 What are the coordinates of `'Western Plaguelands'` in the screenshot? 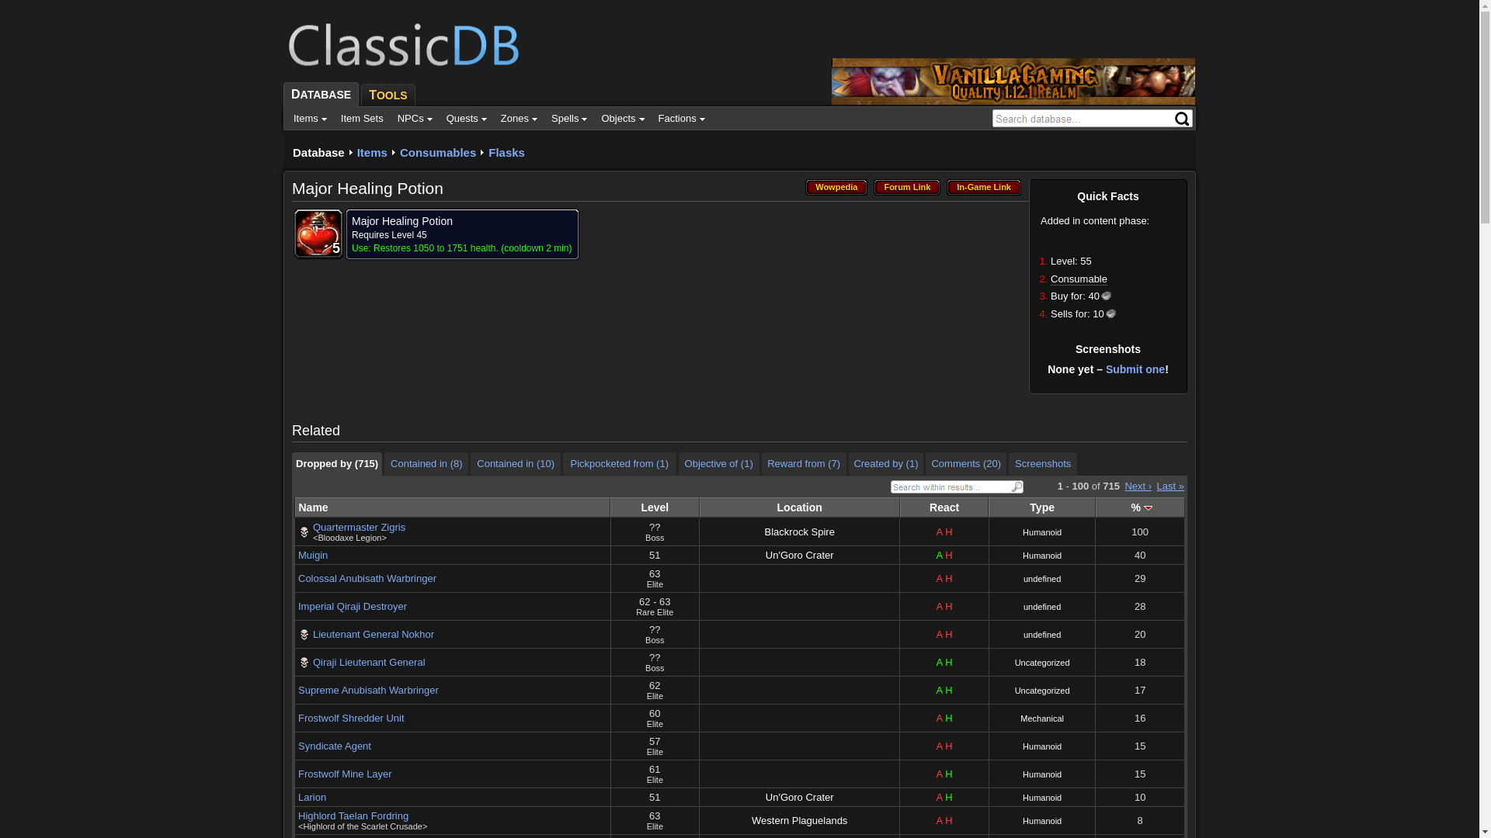 It's located at (799, 819).